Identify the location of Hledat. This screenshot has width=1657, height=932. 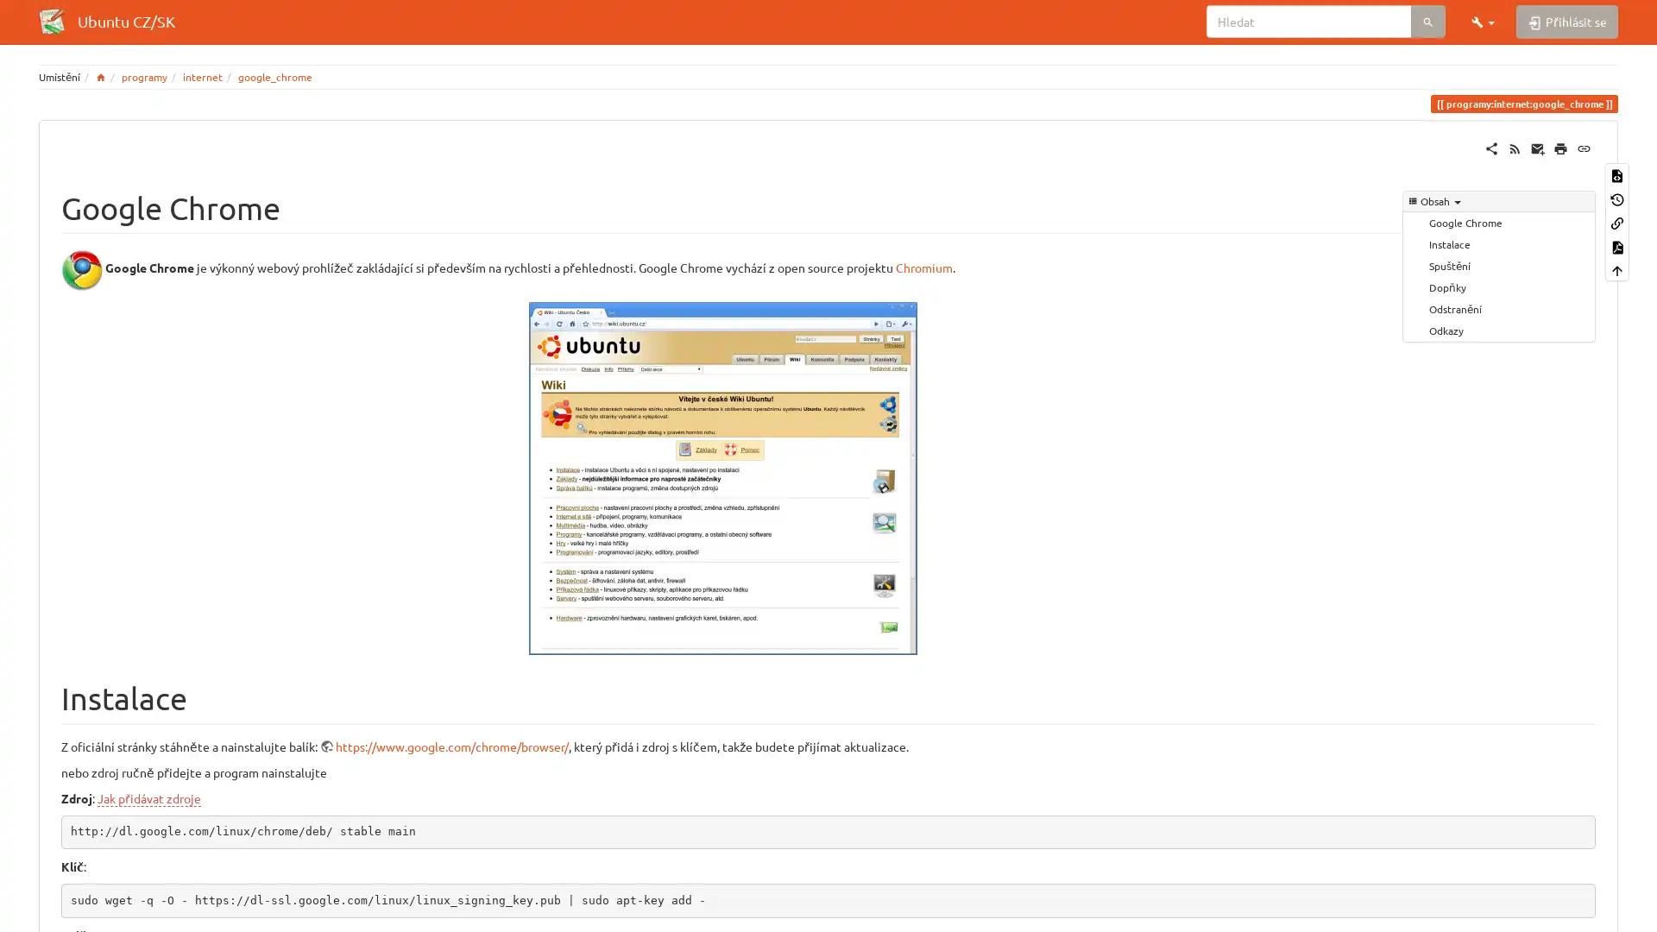
(1427, 21).